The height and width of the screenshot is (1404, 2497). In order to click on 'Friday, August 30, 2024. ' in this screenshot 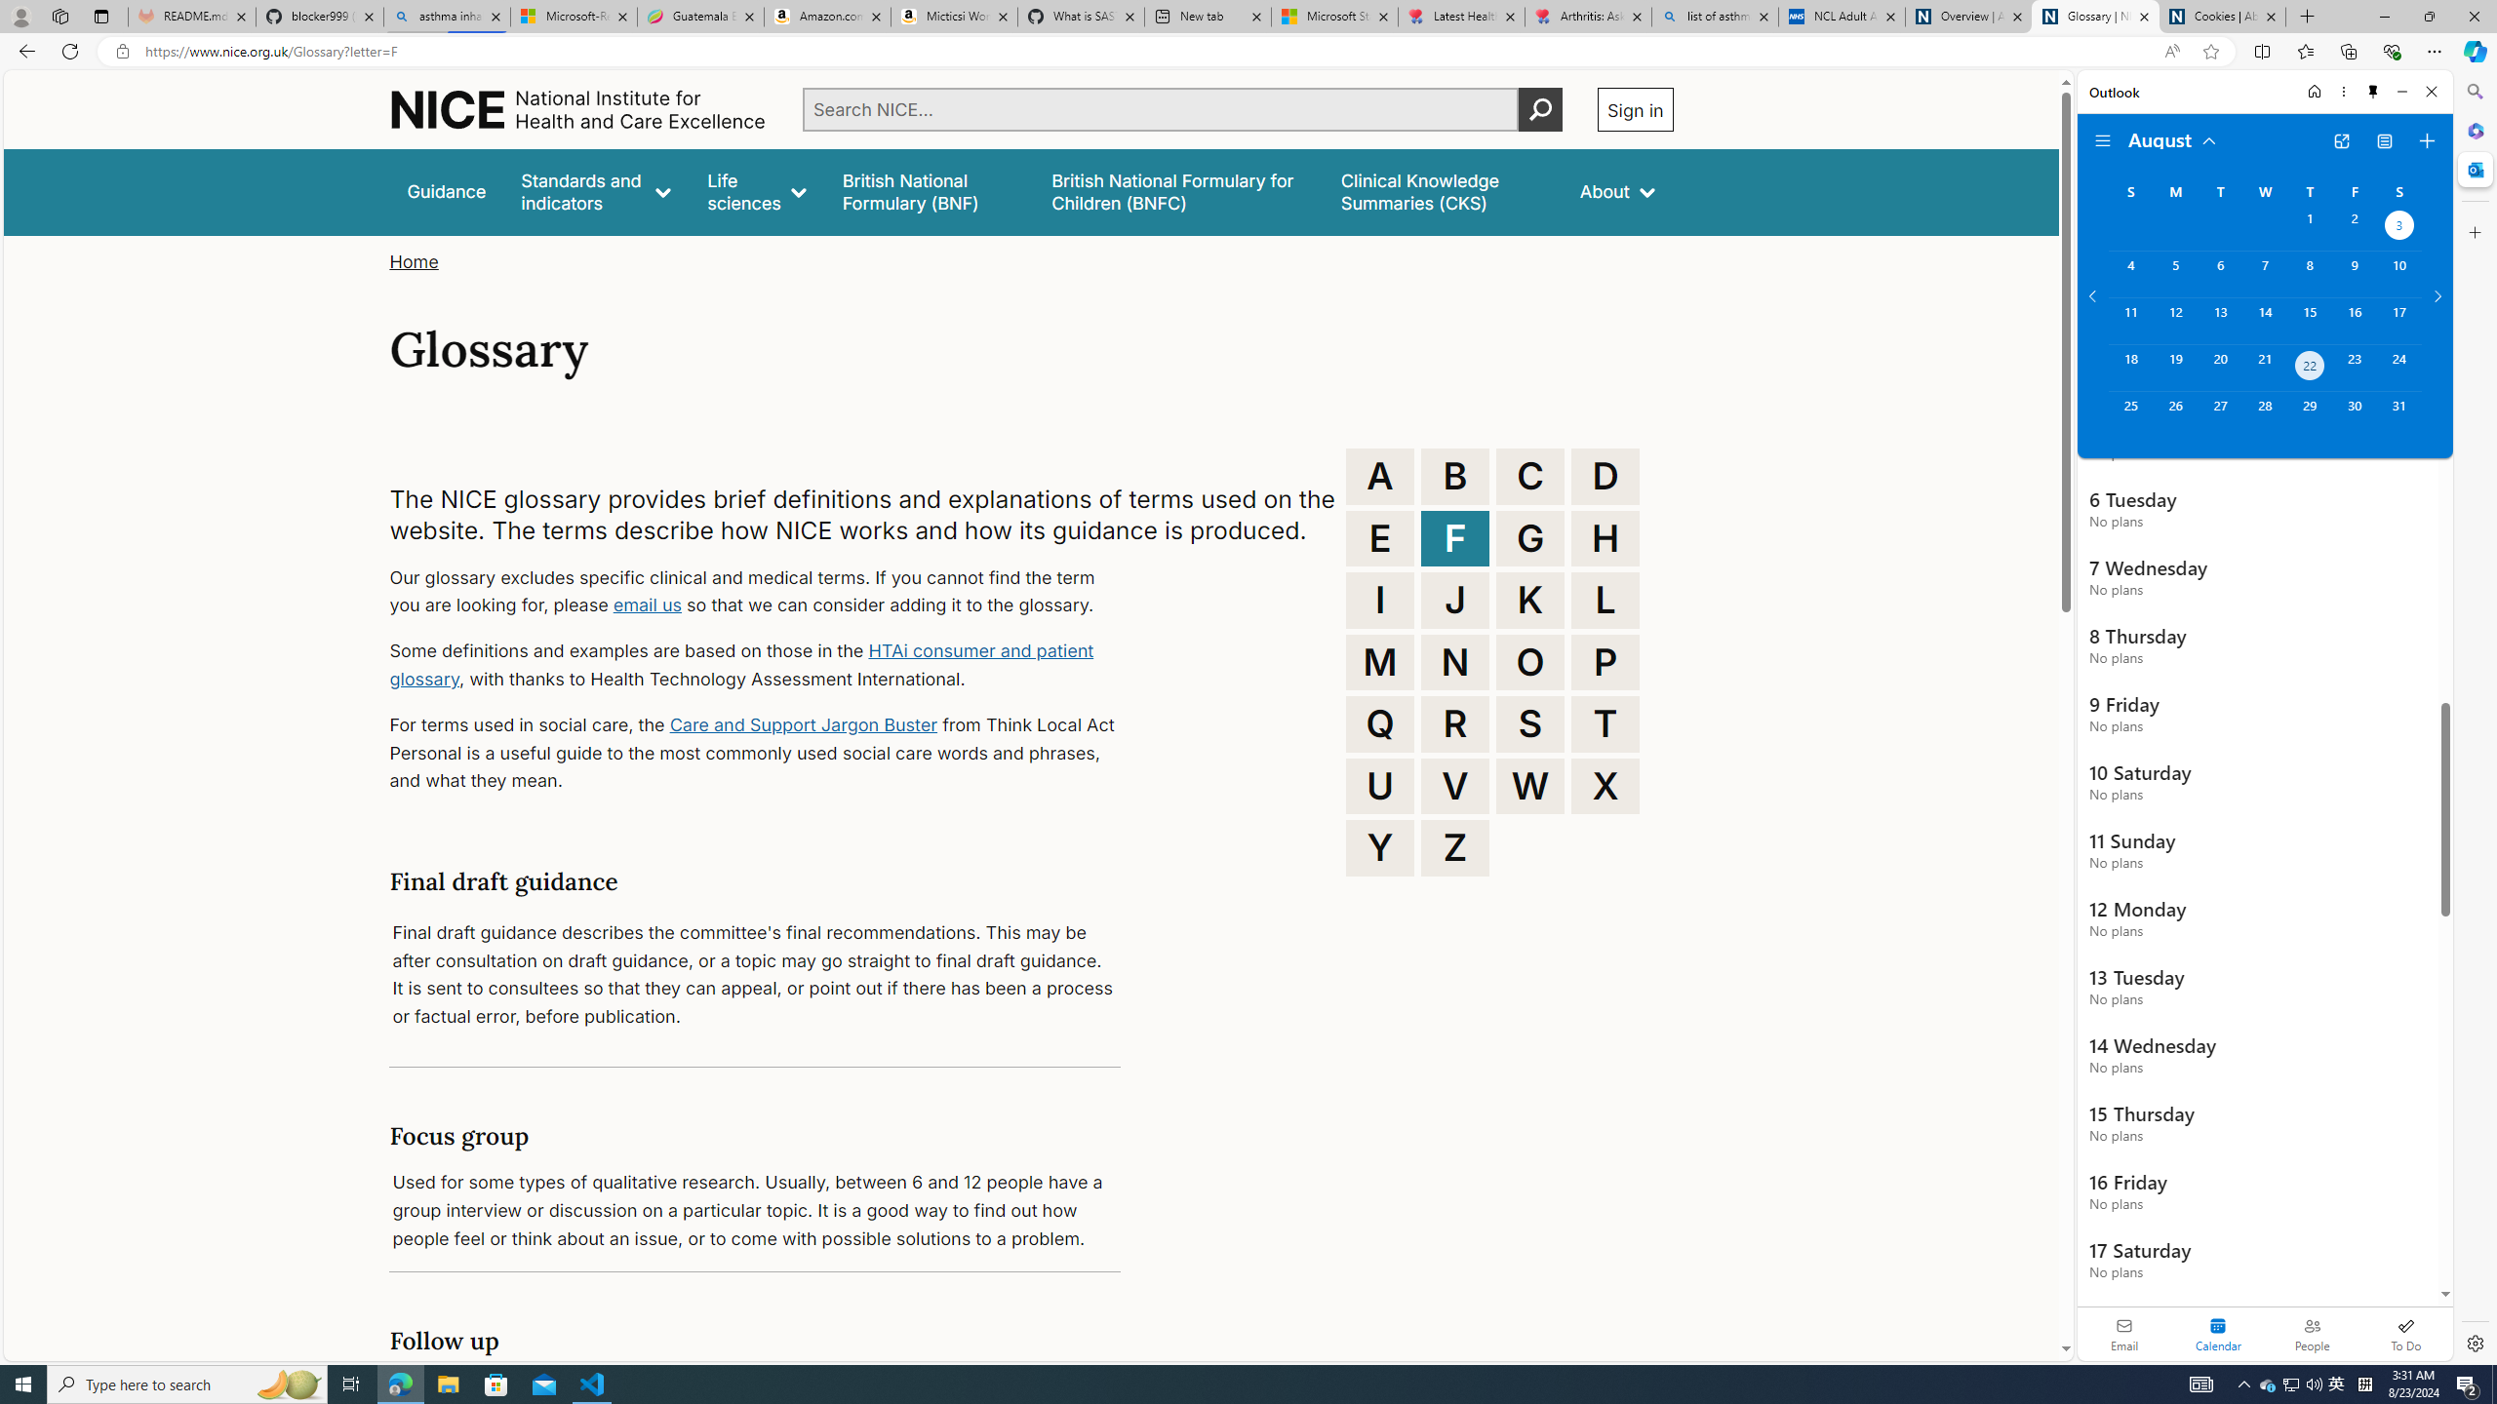, I will do `click(2354, 414)`.